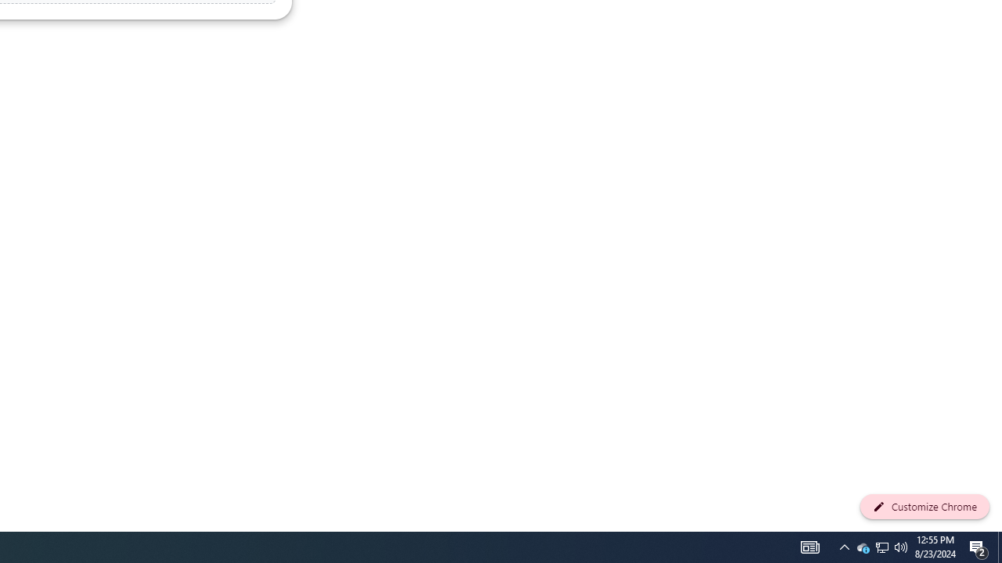  What do you see at coordinates (901, 546) in the screenshot?
I see `'Q2790: 100%'` at bounding box center [901, 546].